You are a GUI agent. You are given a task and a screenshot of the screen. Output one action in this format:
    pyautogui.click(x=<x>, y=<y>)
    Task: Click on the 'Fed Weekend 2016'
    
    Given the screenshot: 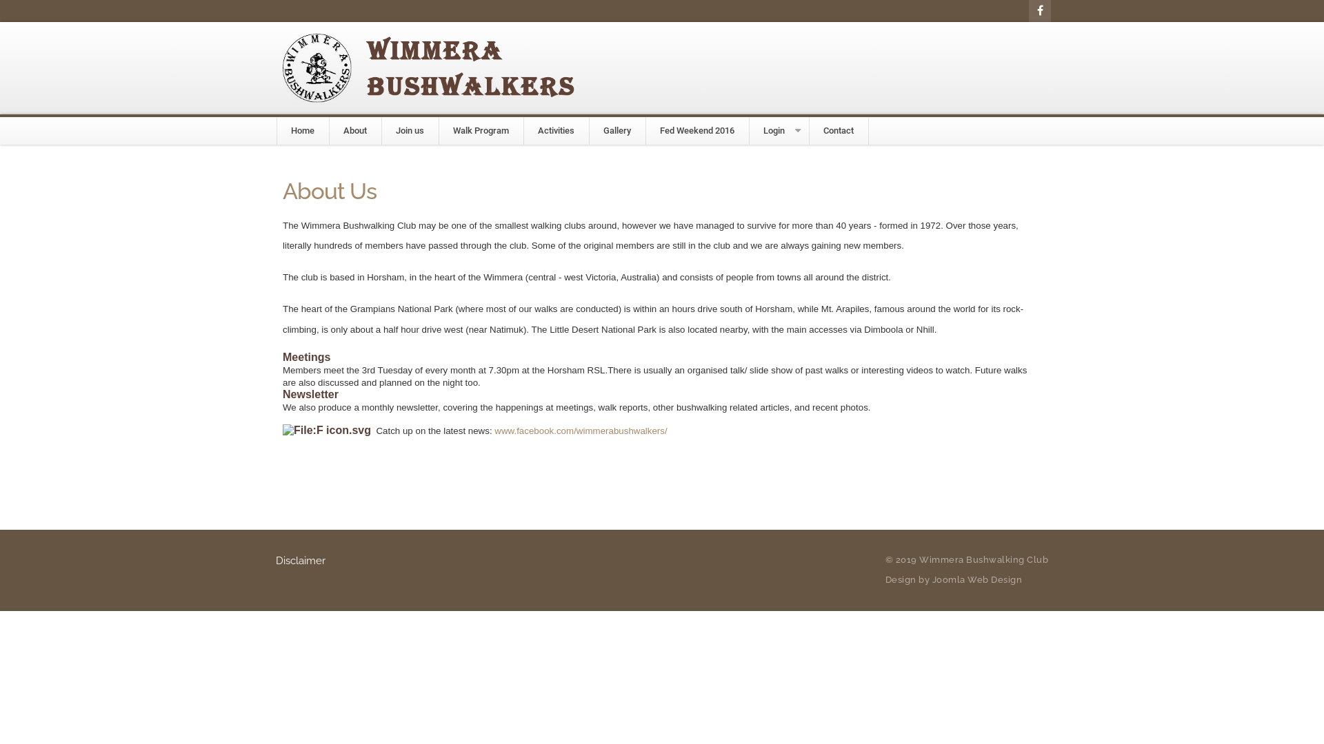 What is the action you would take?
    pyautogui.click(x=697, y=130)
    